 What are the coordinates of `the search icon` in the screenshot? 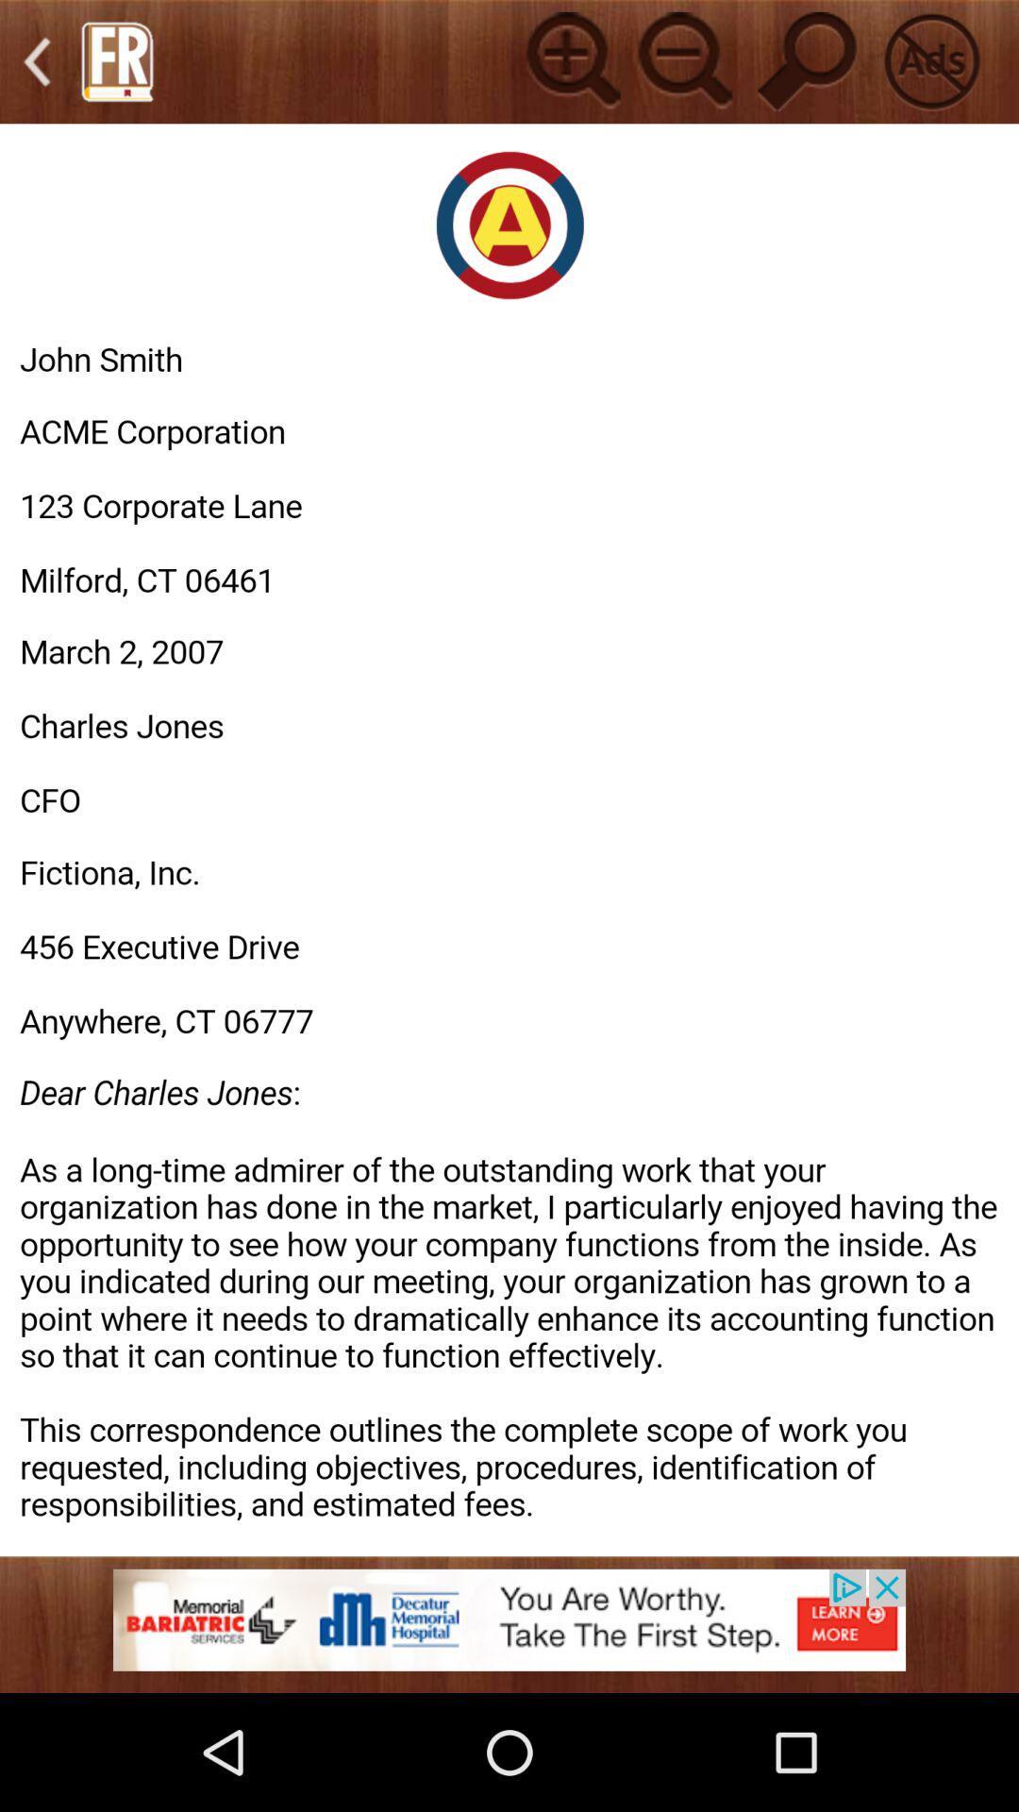 It's located at (807, 65).